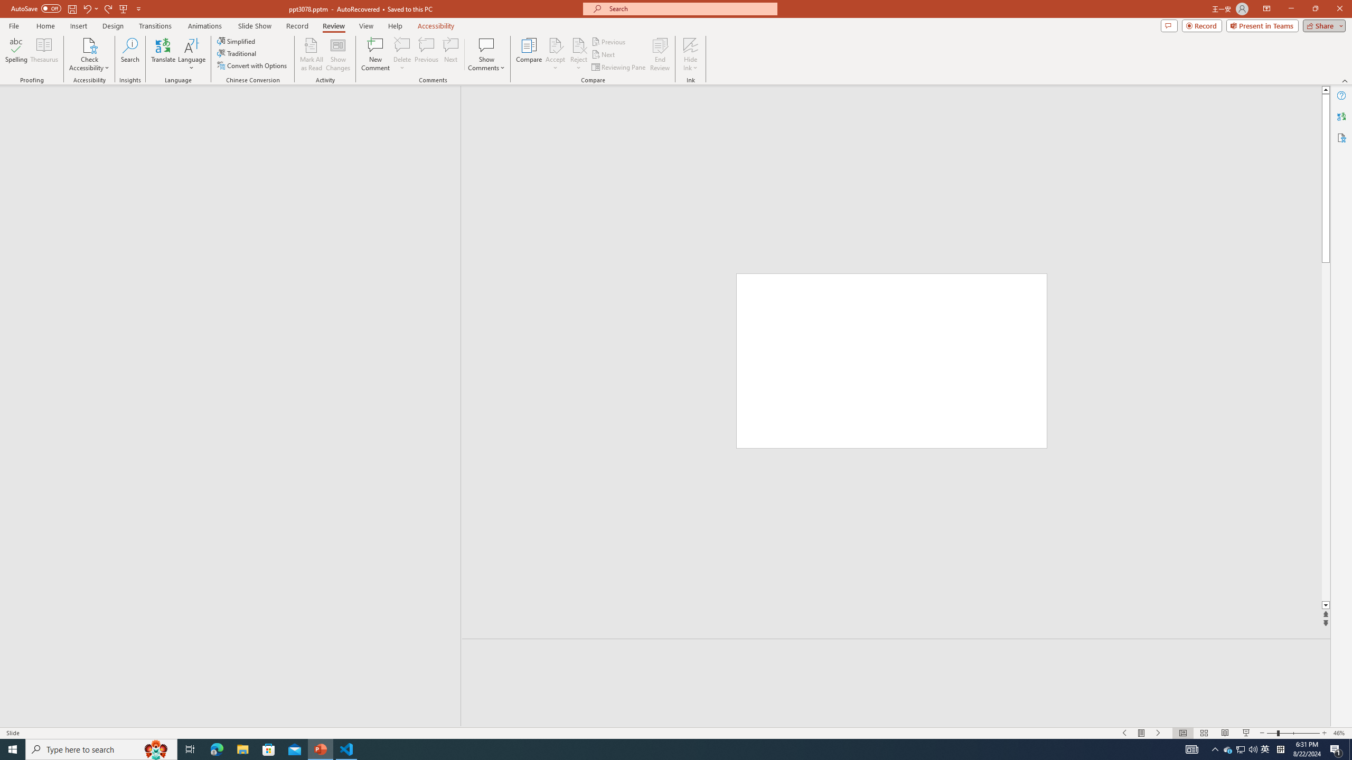 Image resolution: width=1352 pixels, height=760 pixels. What do you see at coordinates (691, 54) in the screenshot?
I see `'Hide Ink'` at bounding box center [691, 54].